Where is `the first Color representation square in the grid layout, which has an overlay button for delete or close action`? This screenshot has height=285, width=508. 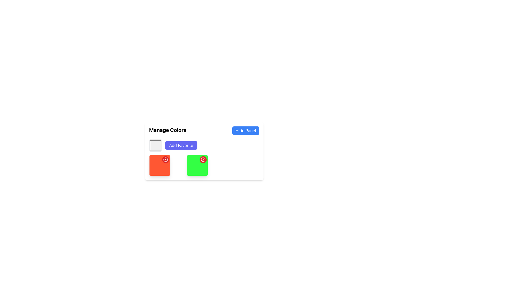
the first Color representation square in the grid layout, which has an overlay button for delete or close action is located at coordinates (159, 165).